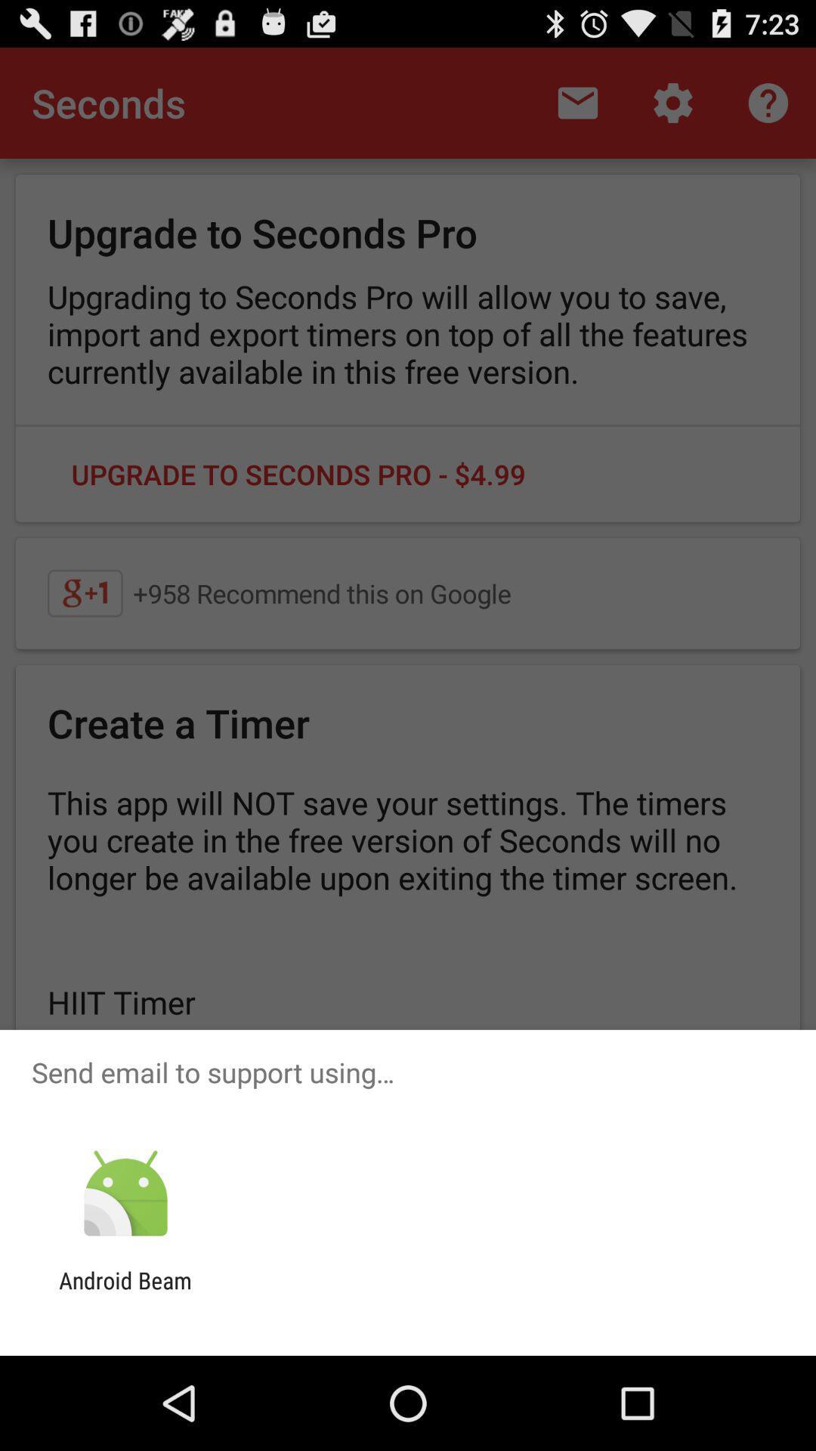  I want to click on android beam app, so click(125, 1293).